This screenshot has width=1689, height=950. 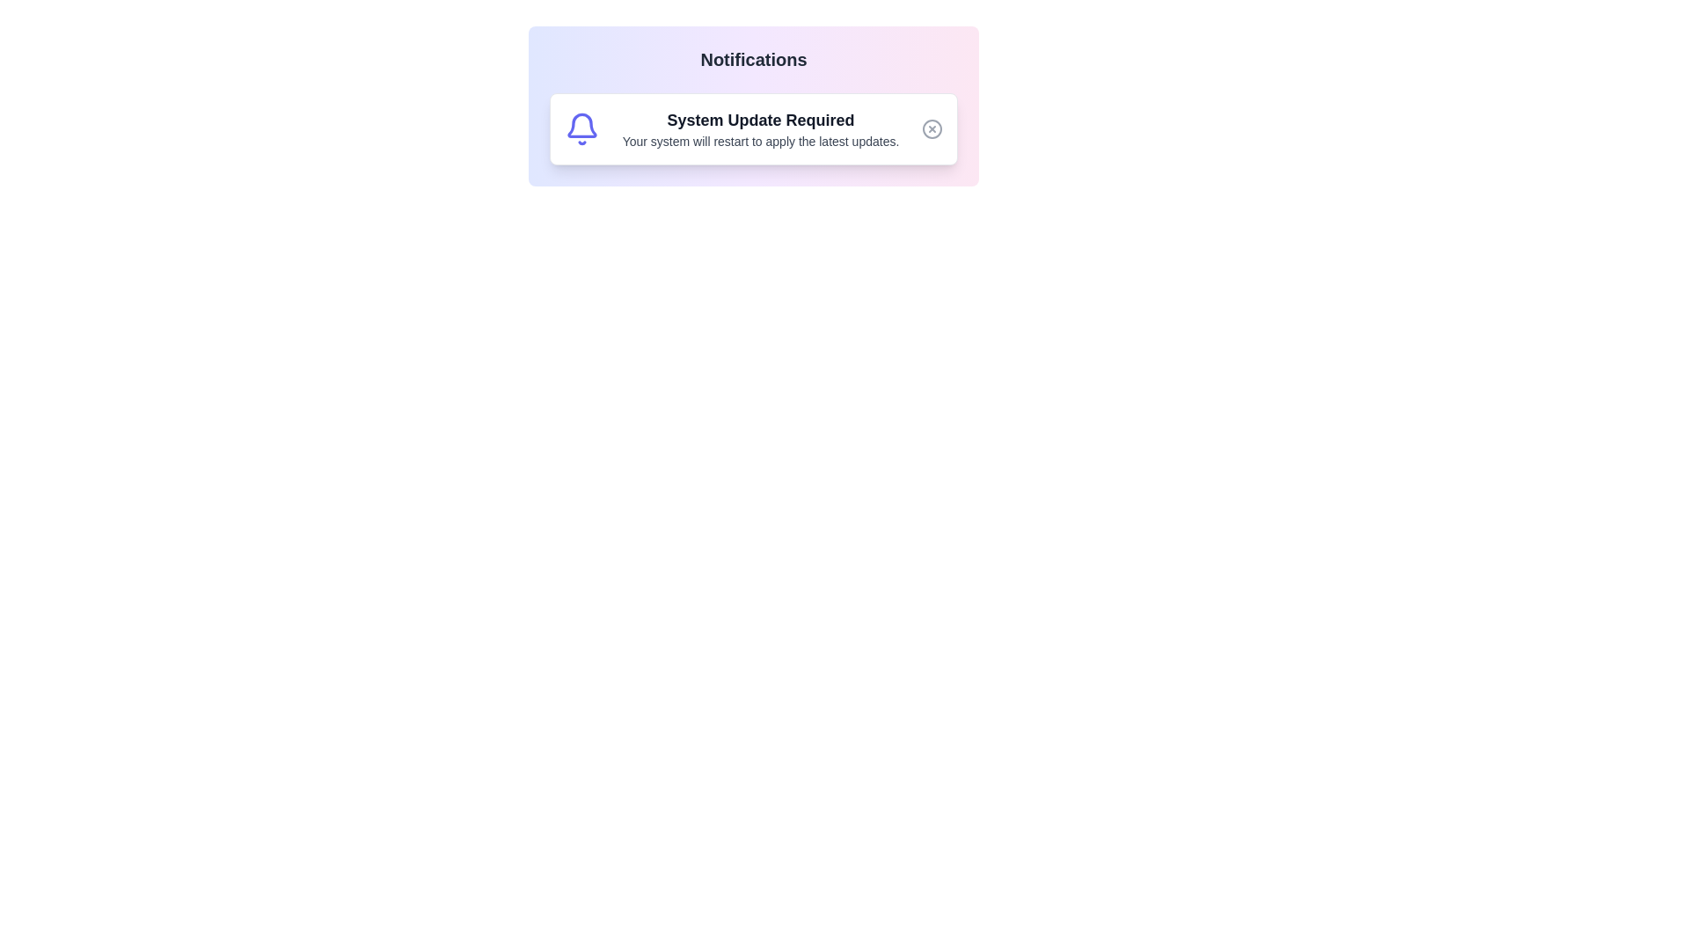 I want to click on the informative Text Label located directly below the 'System Update Required' title in the notification card, so click(x=760, y=141).